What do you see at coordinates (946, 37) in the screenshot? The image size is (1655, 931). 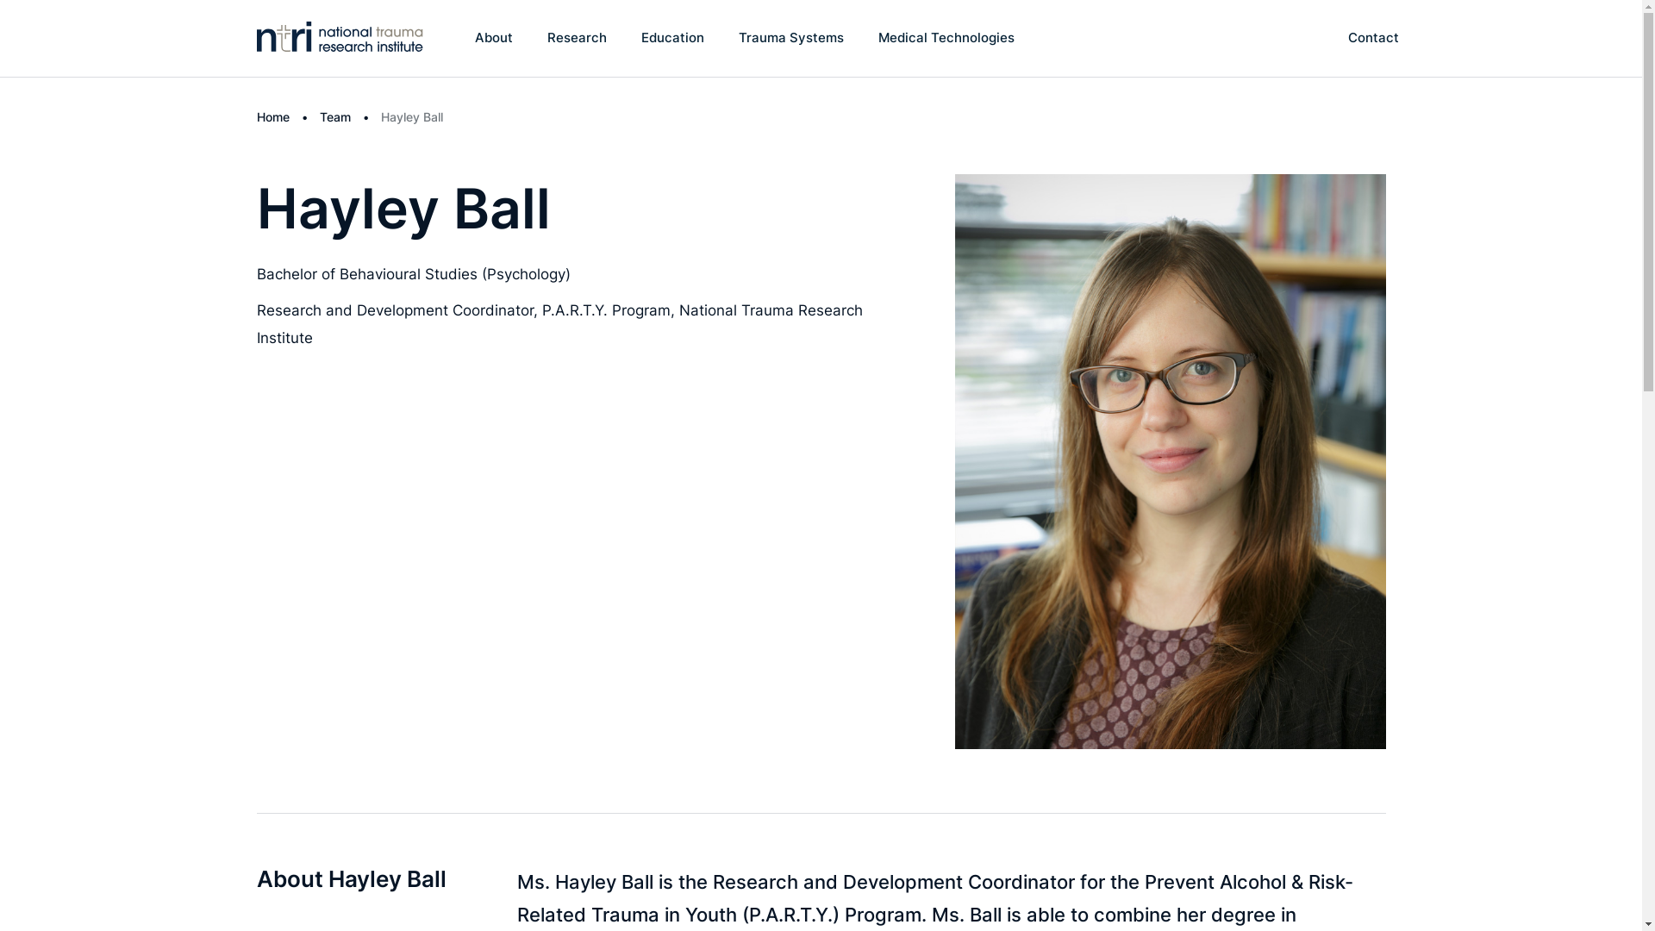 I see `'Medical Technologies'` at bounding box center [946, 37].